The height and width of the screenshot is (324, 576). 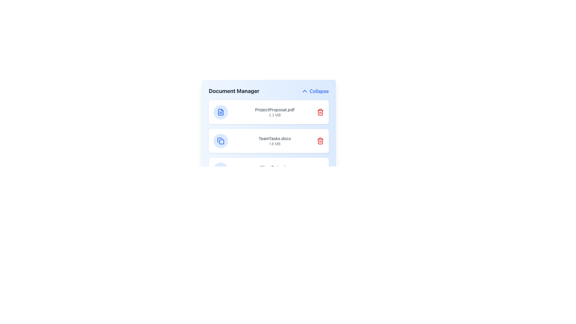 What do you see at coordinates (274, 115) in the screenshot?
I see `the text label displaying '2.3 MB' located below 'ProjectProposal.pdf' in the document manager interface` at bounding box center [274, 115].